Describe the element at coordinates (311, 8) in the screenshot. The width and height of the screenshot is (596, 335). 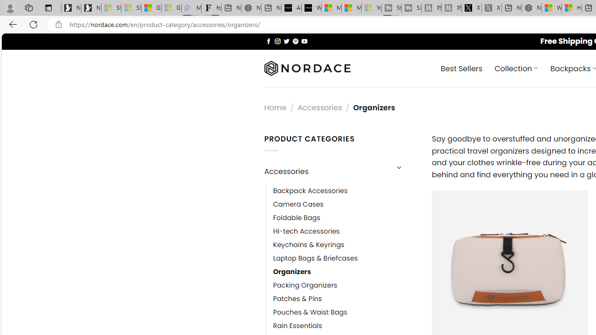
I see `'What'` at that location.